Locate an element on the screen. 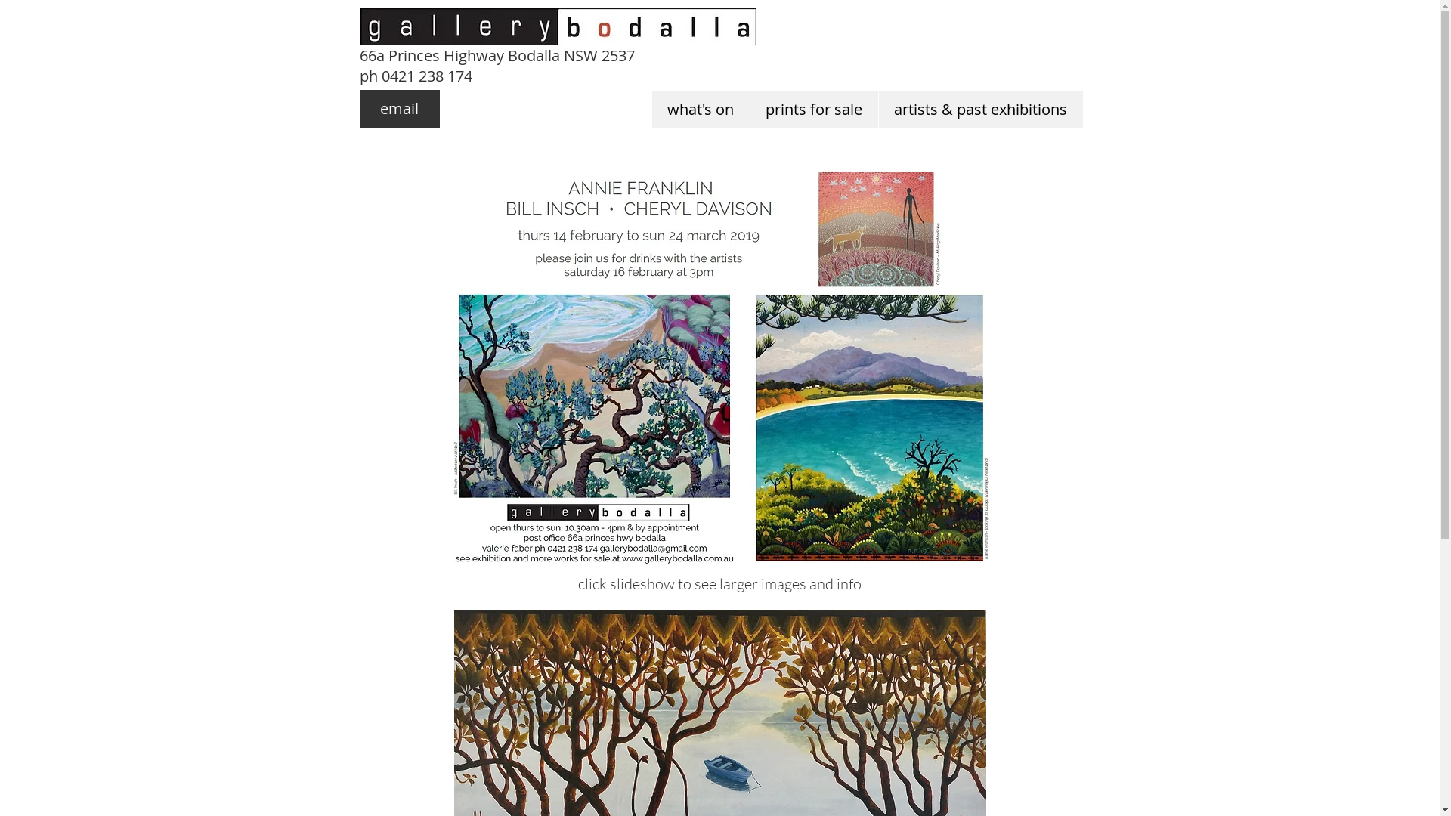  'what's on' is located at coordinates (699, 109).